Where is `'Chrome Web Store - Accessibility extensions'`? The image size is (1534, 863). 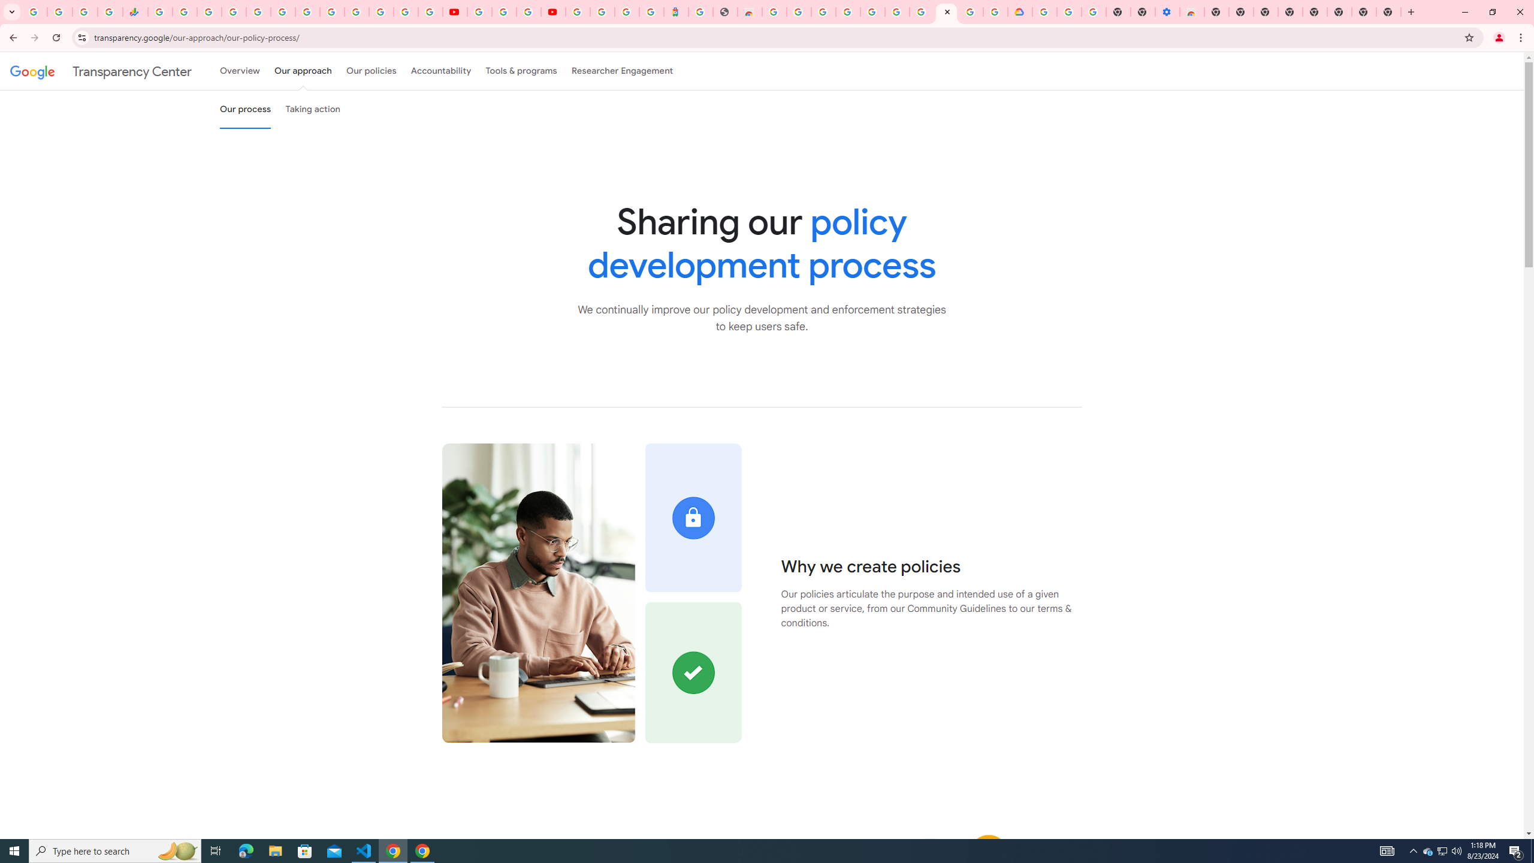 'Chrome Web Store - Accessibility extensions' is located at coordinates (1192, 11).